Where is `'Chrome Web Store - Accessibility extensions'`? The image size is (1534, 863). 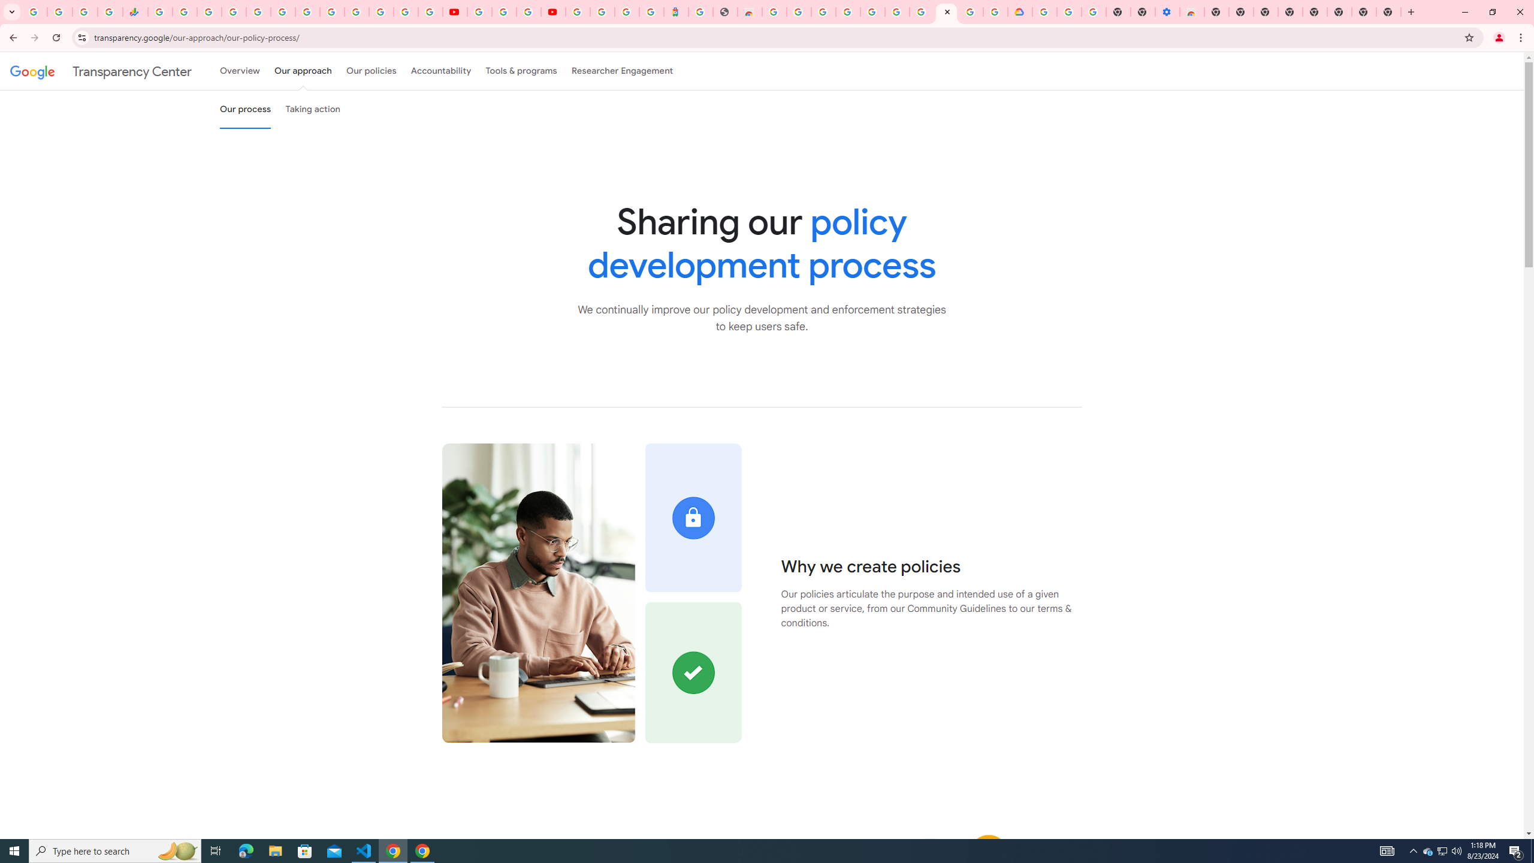 'Chrome Web Store - Accessibility extensions' is located at coordinates (1192, 11).